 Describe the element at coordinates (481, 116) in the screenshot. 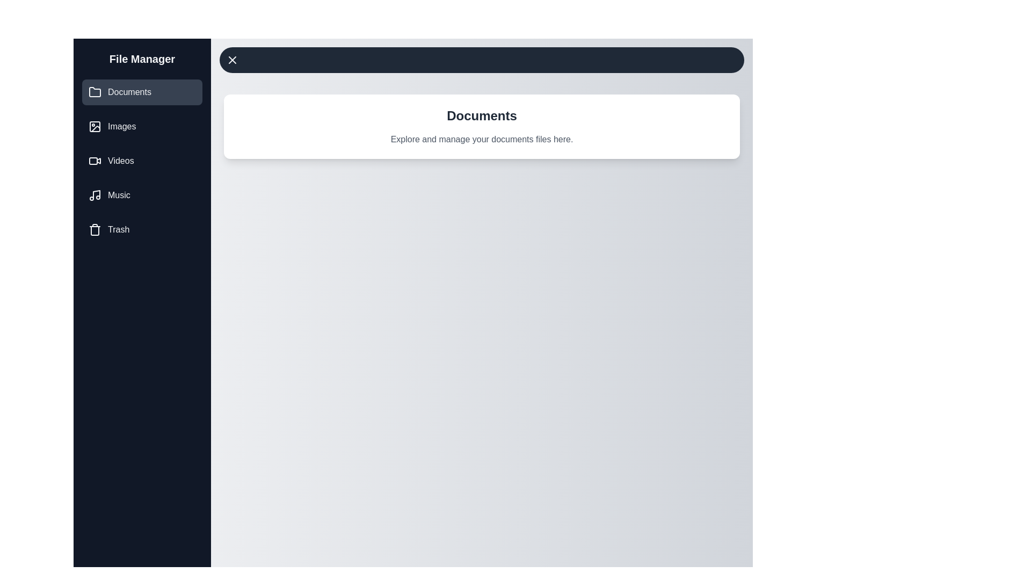

I see `the header text 'Documents' in the main section` at that location.